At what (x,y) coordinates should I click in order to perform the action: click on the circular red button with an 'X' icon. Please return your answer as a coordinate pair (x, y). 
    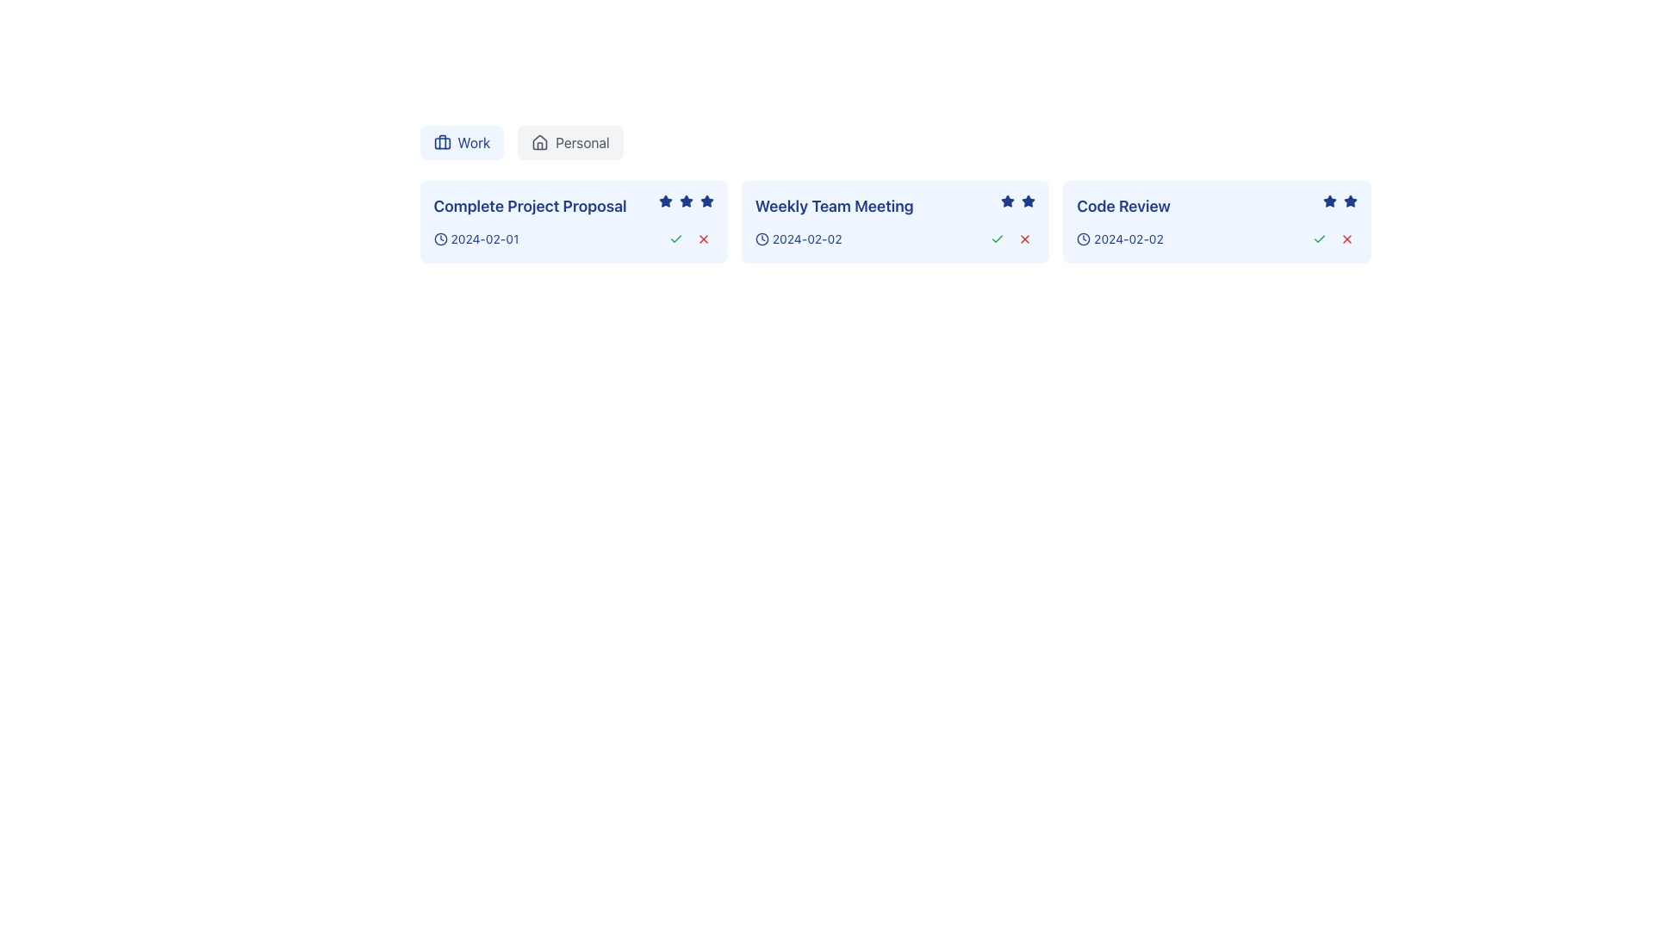
    Looking at the image, I should click on (1346, 239).